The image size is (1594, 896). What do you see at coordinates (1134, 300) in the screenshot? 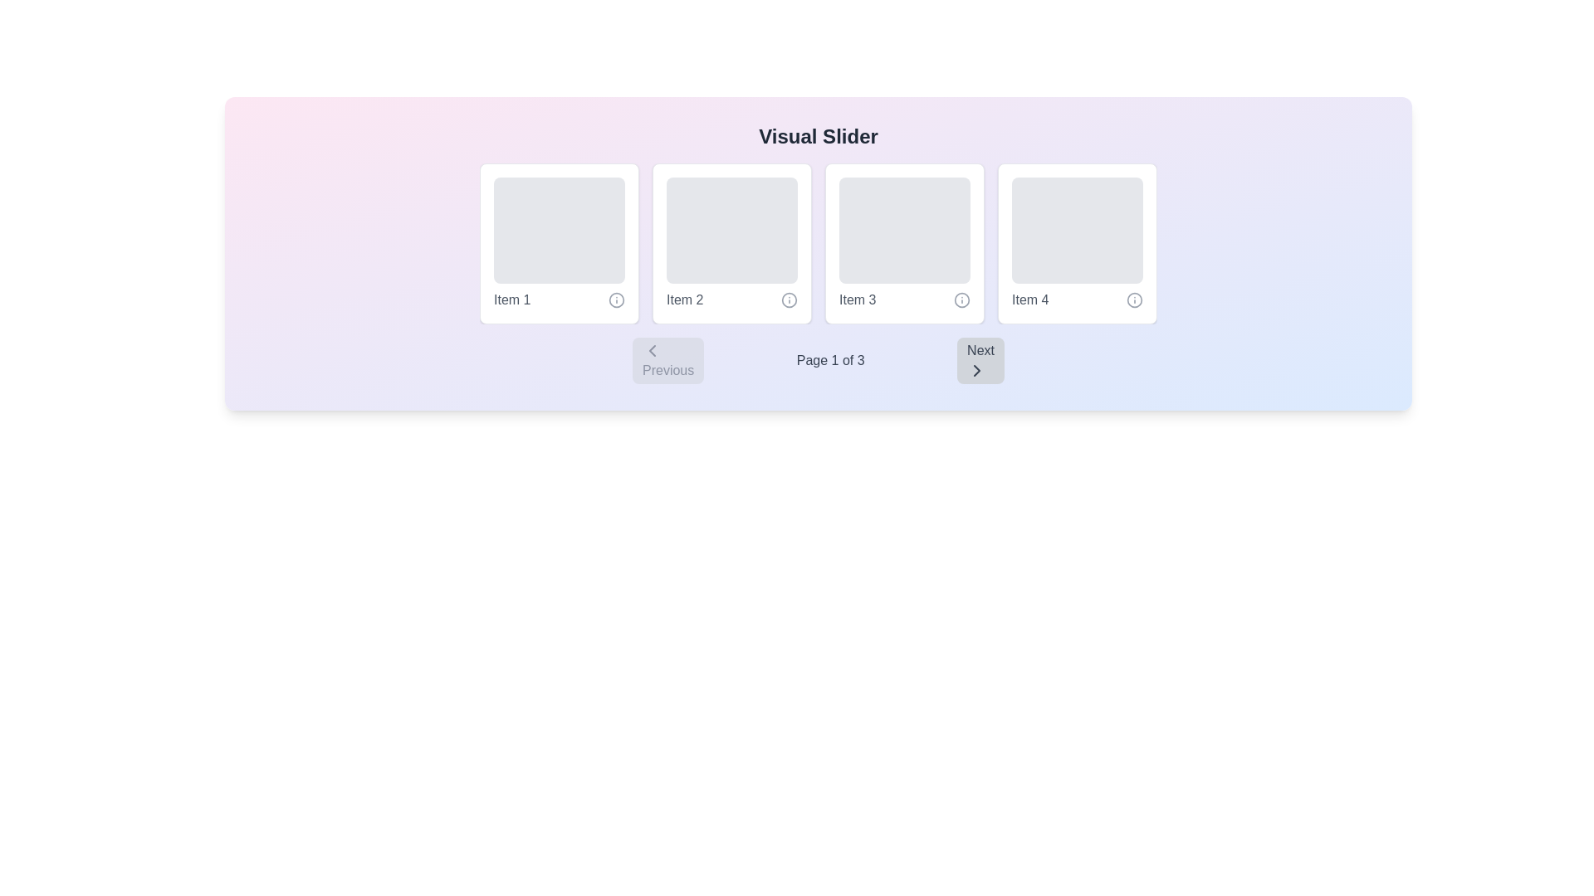
I see `the 'info' icon located at the bottom-right corner of the 'Item 4' box in the horizontal slider` at bounding box center [1134, 300].